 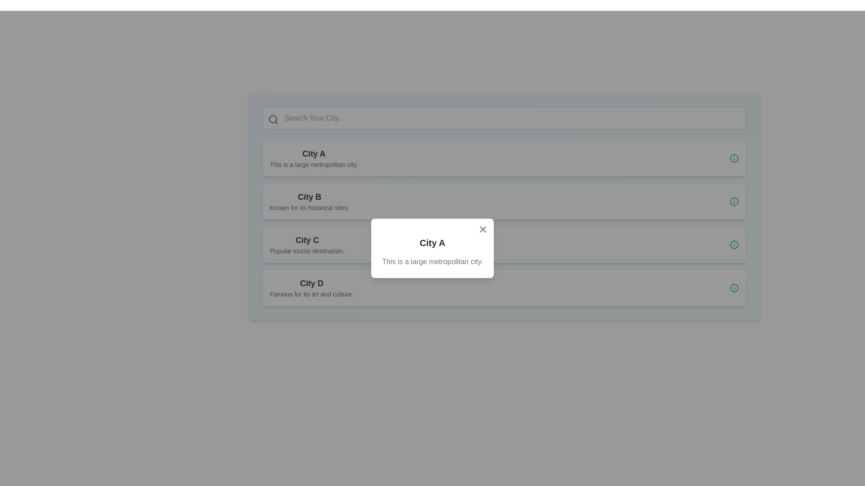 What do you see at coordinates (482, 229) in the screenshot?
I see `the 'X' icon button located at the top-right corner of the white card titled 'City A'` at bounding box center [482, 229].